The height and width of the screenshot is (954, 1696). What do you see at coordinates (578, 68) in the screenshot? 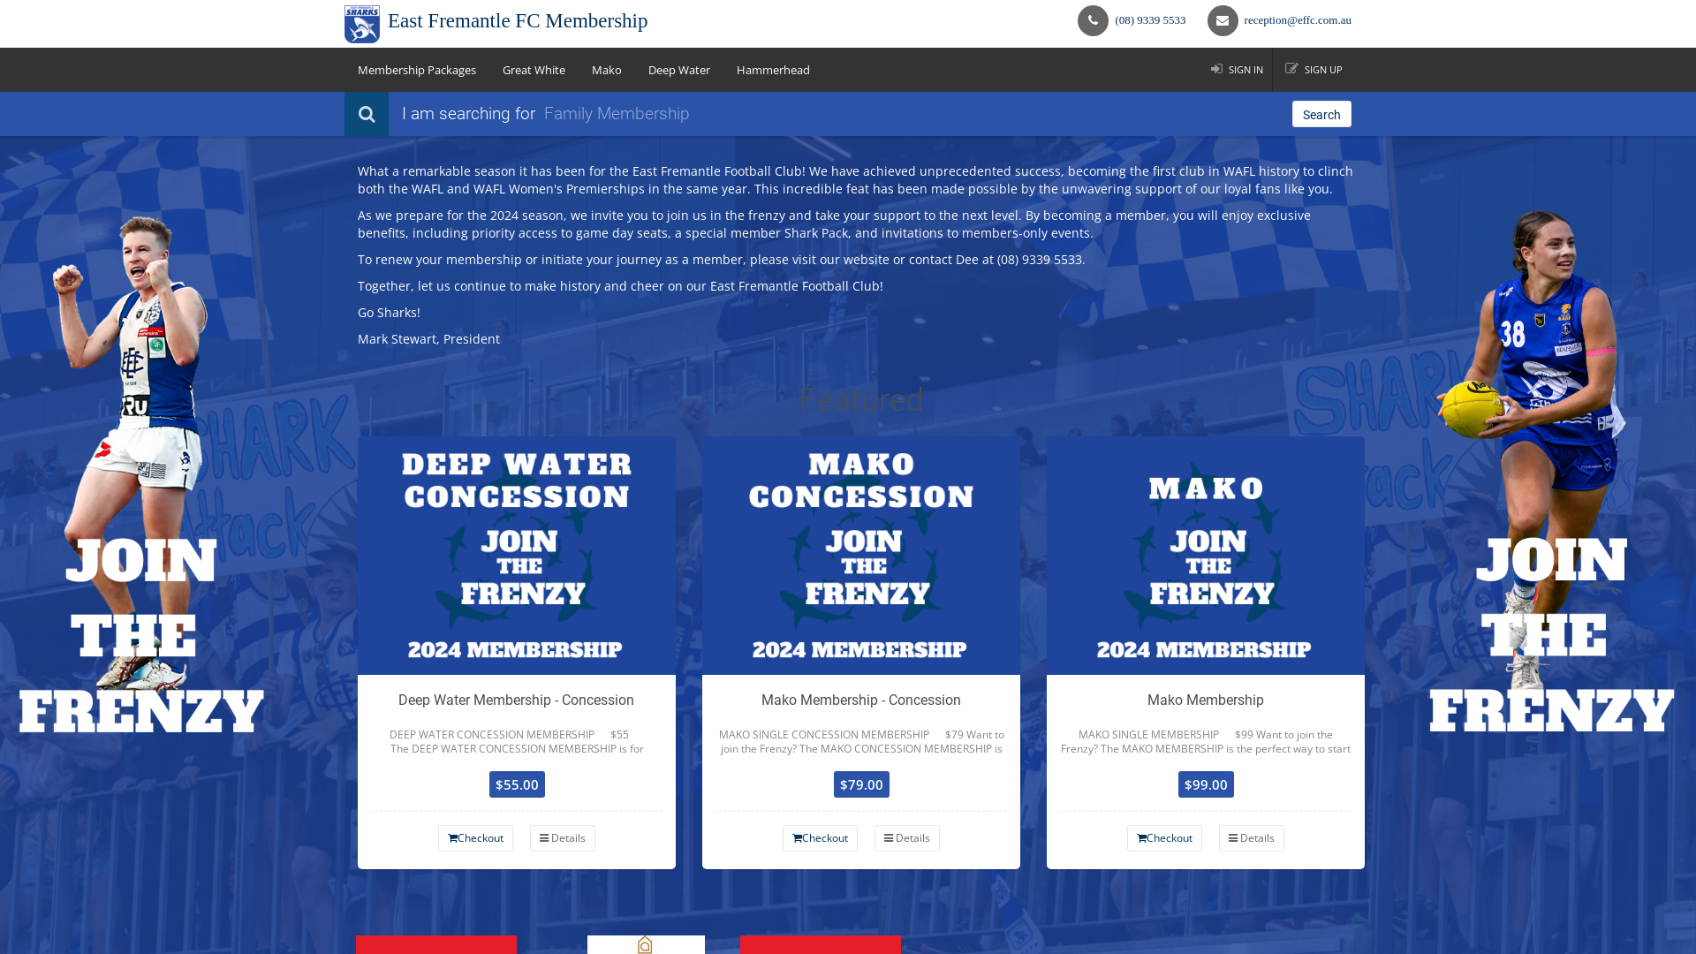
I see `'Mako'` at bounding box center [578, 68].